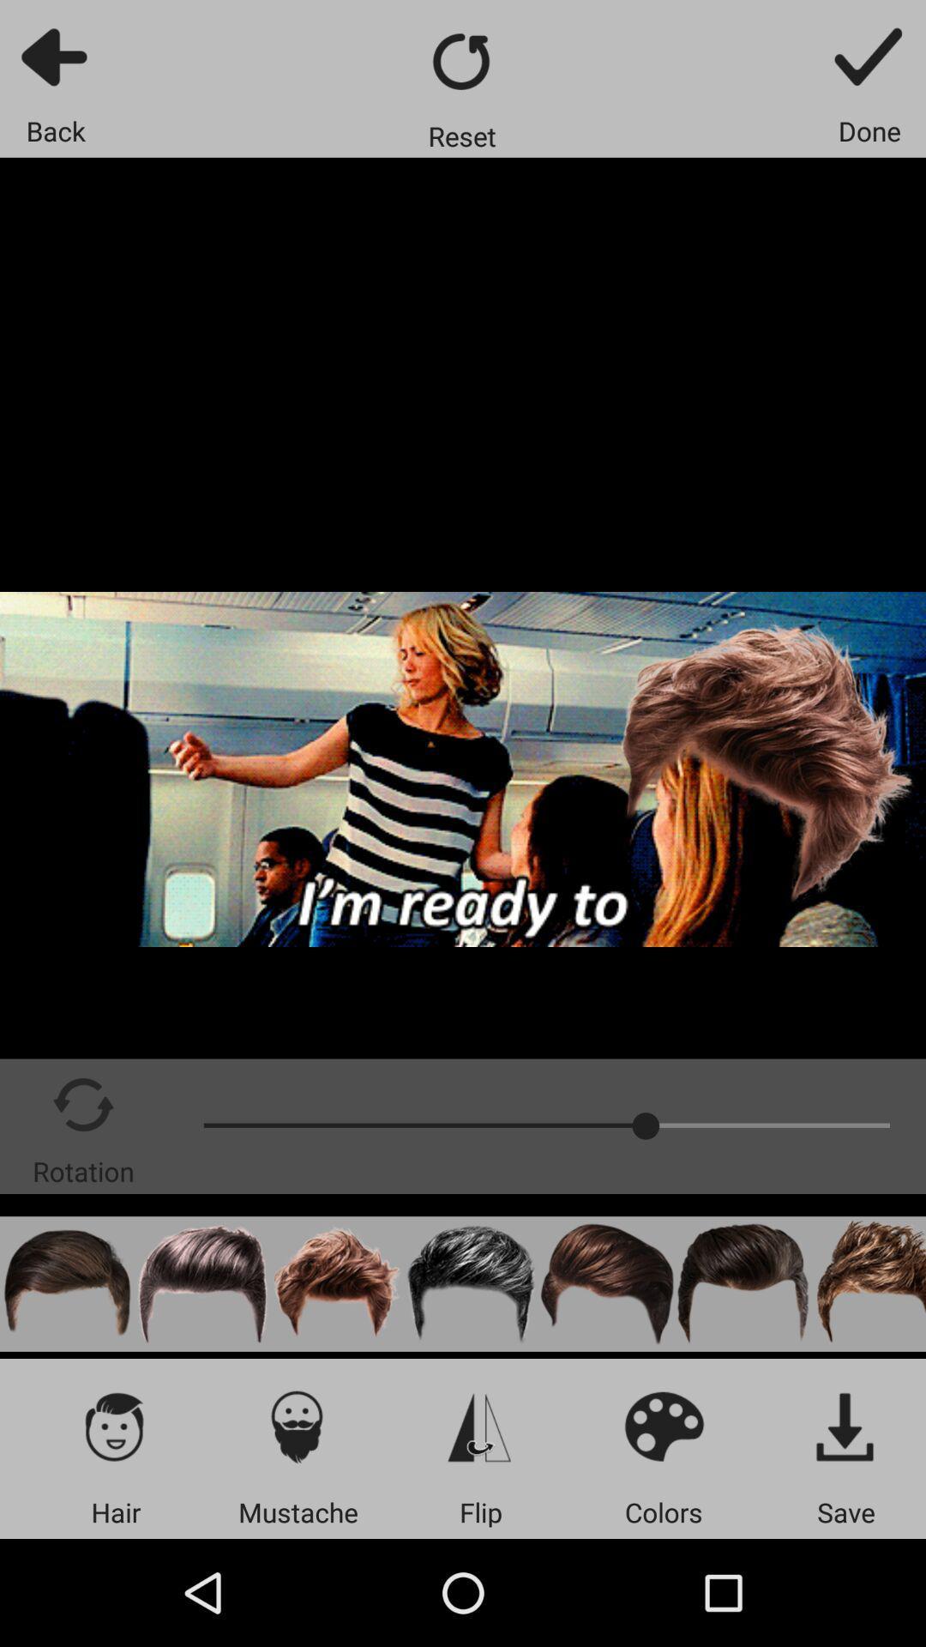  Describe the element at coordinates (480, 1426) in the screenshot. I see `change camera` at that location.